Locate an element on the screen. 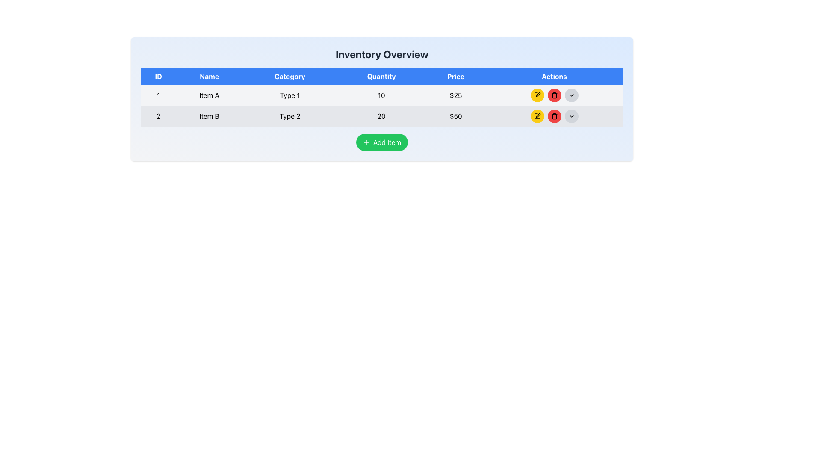  the 'Edit' icon button located in the 'Actions' column of the second row in the table to initiate the edit action is located at coordinates (537, 115).